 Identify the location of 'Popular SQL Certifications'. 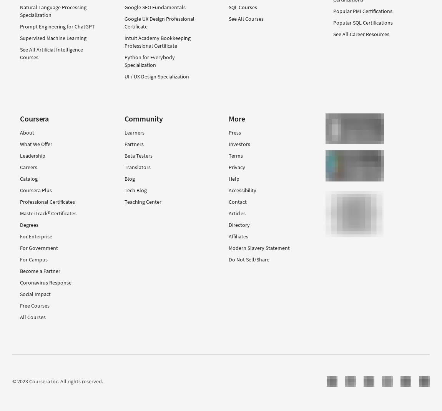
(362, 22).